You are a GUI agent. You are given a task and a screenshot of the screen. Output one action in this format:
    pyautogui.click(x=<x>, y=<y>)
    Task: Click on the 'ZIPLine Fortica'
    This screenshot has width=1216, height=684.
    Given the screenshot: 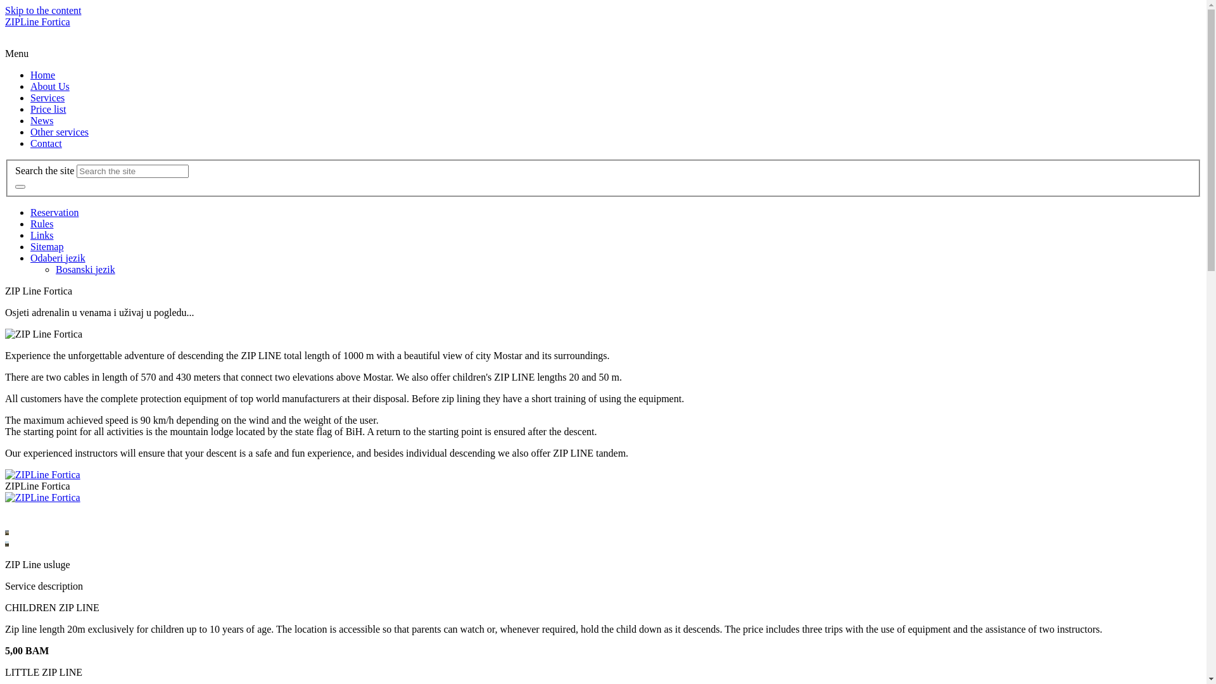 What is the action you would take?
    pyautogui.click(x=37, y=22)
    